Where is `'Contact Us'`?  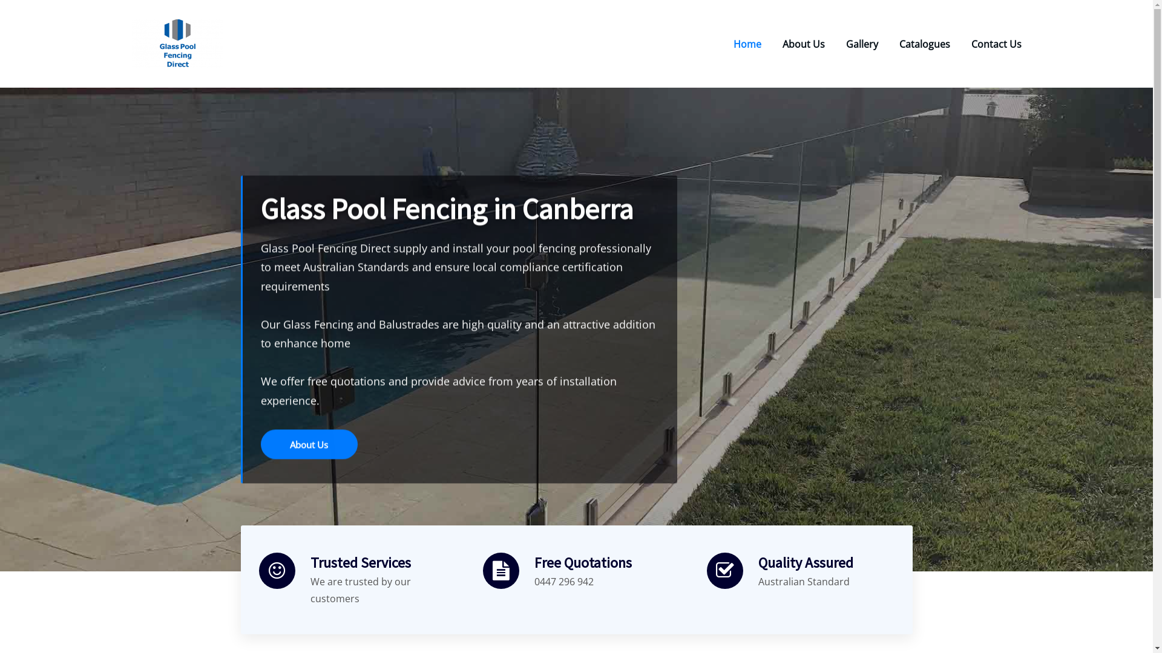
'Contact Us' is located at coordinates (970, 43).